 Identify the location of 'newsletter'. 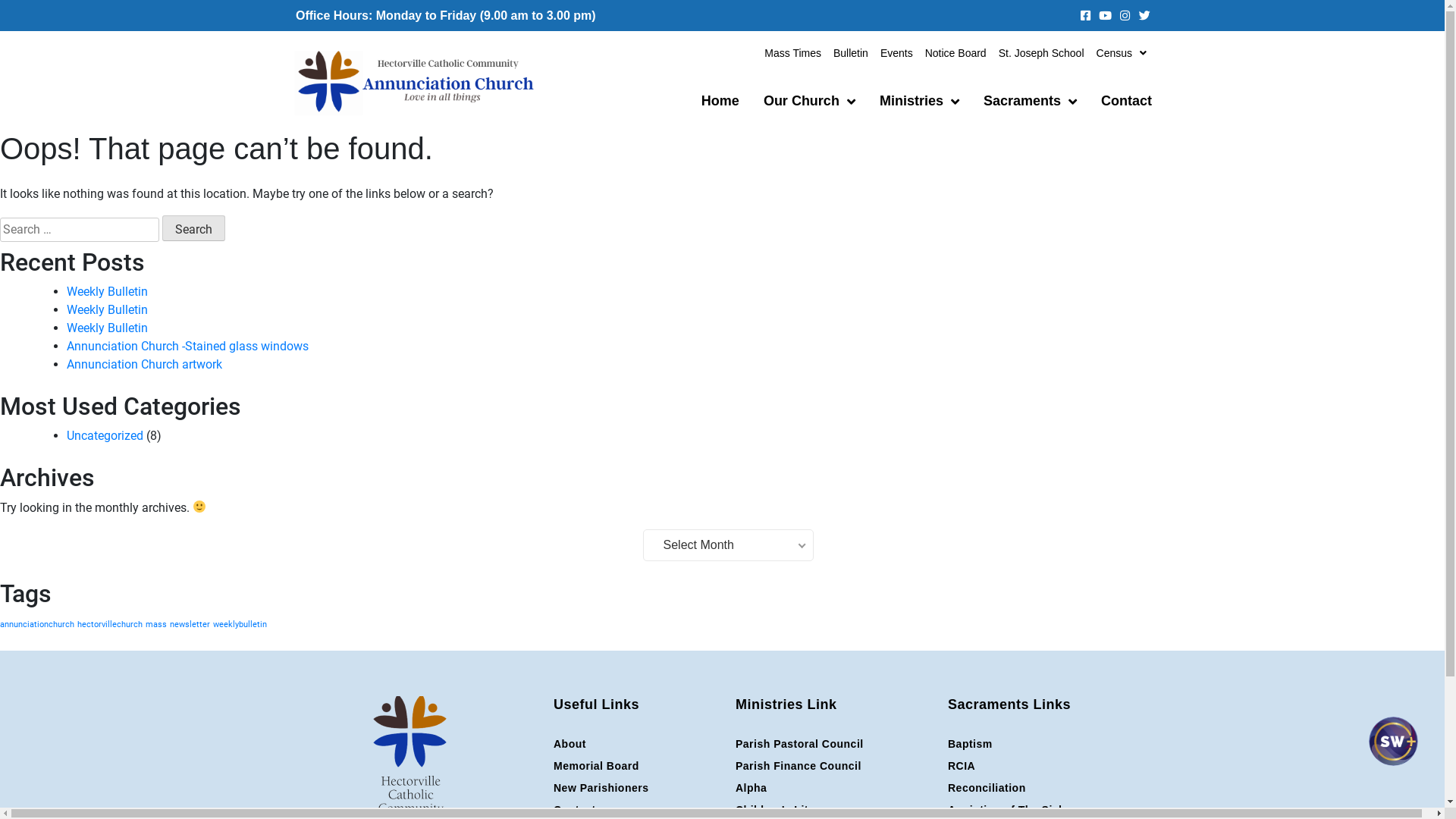
(189, 624).